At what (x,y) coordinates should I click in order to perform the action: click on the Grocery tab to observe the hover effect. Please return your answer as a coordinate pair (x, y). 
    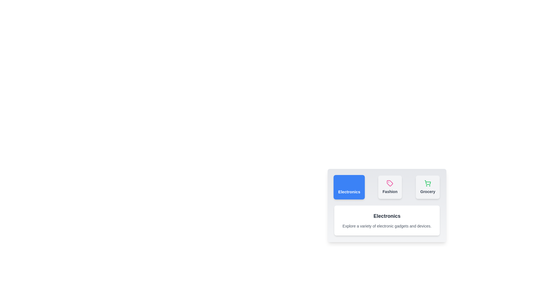
    Looking at the image, I should click on (427, 187).